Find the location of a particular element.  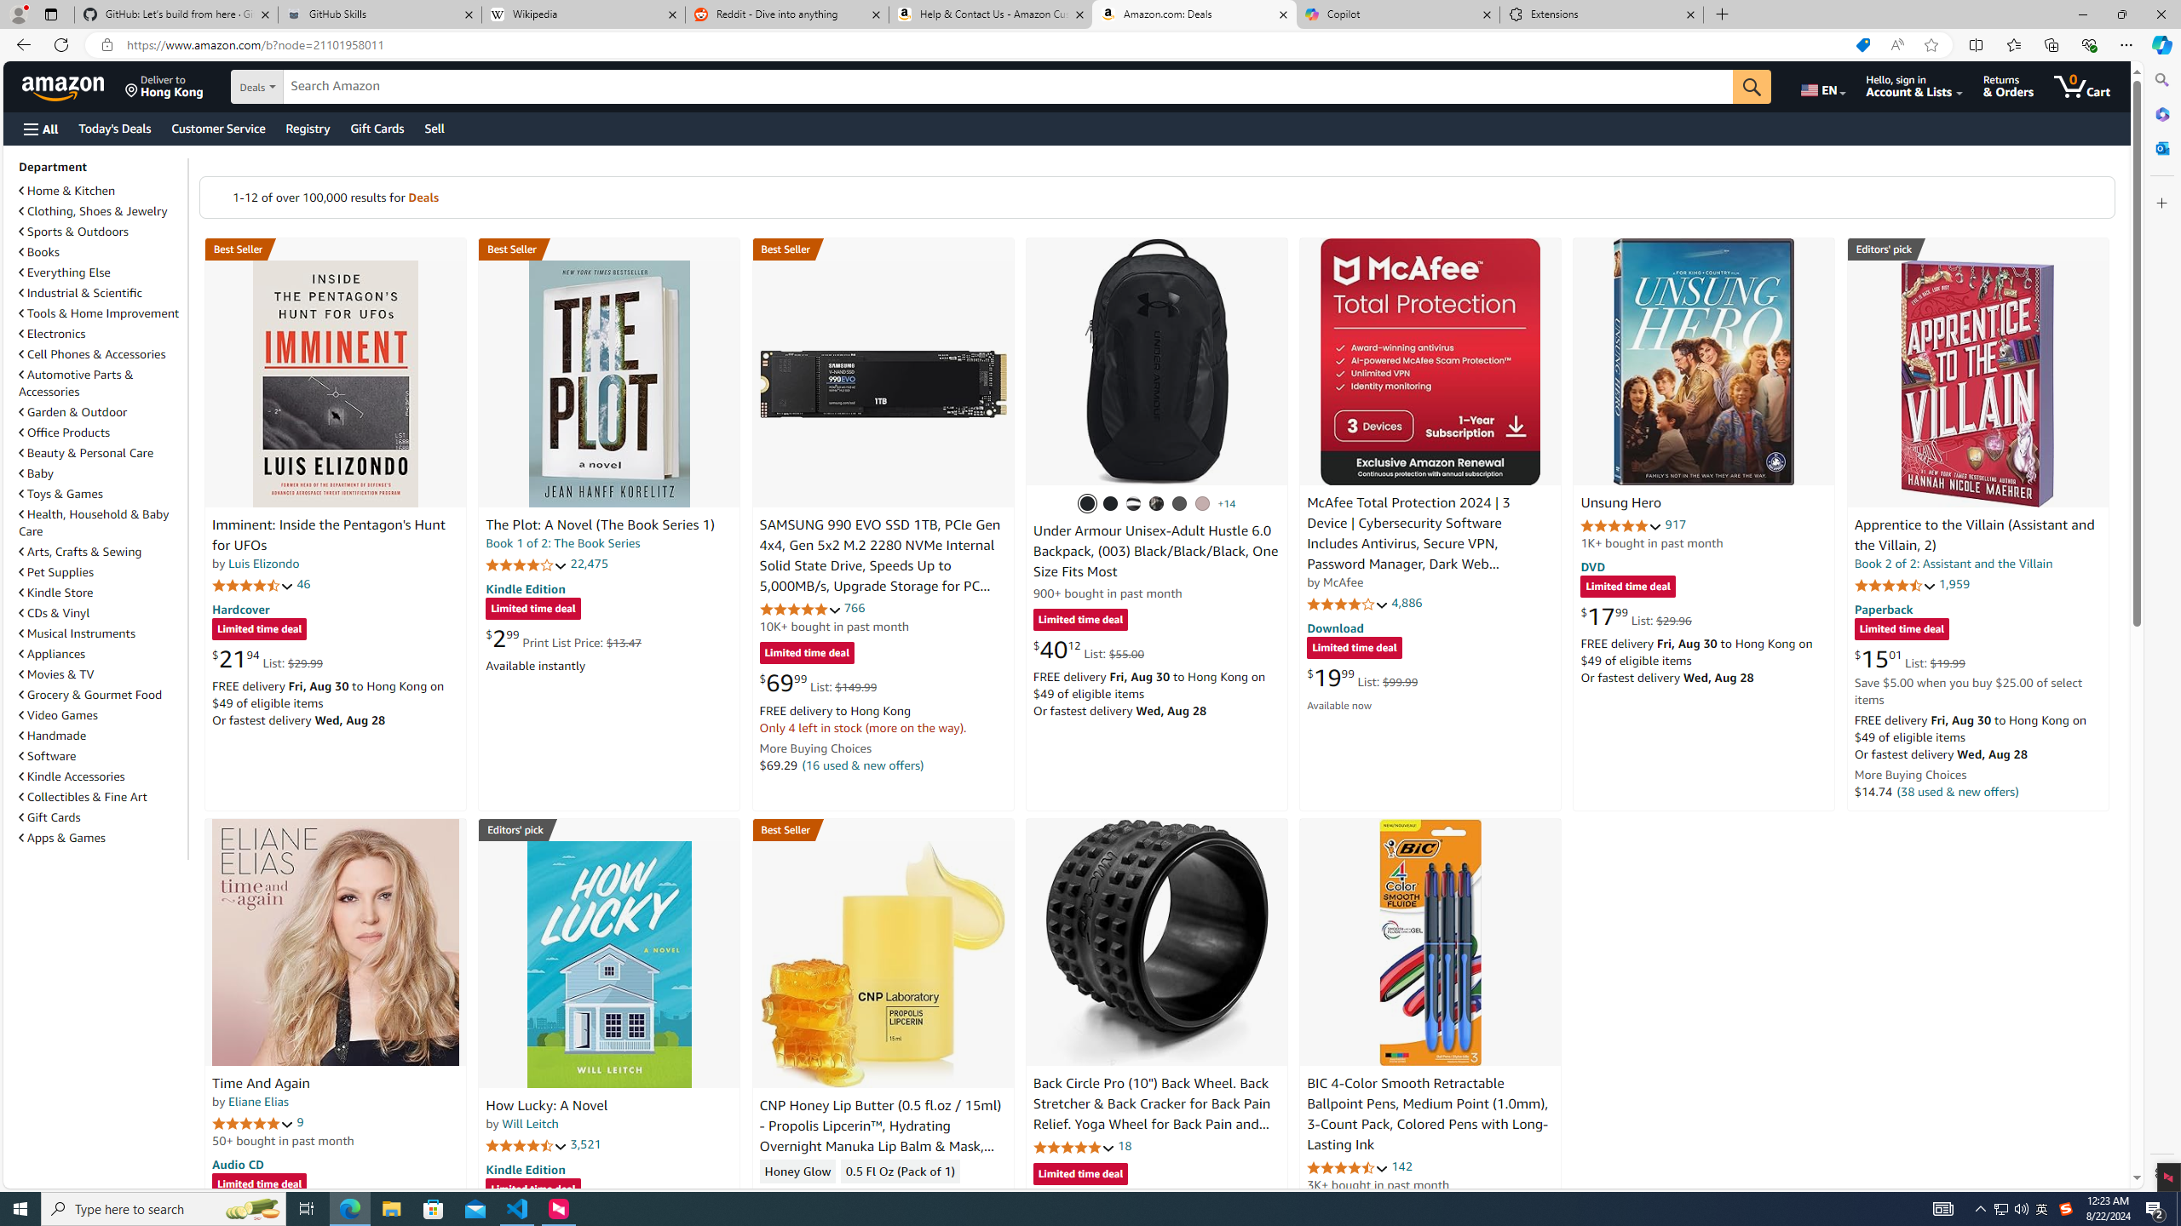

'(005) Black Full Heather / Black / Metallic Gold' is located at coordinates (1180, 502).